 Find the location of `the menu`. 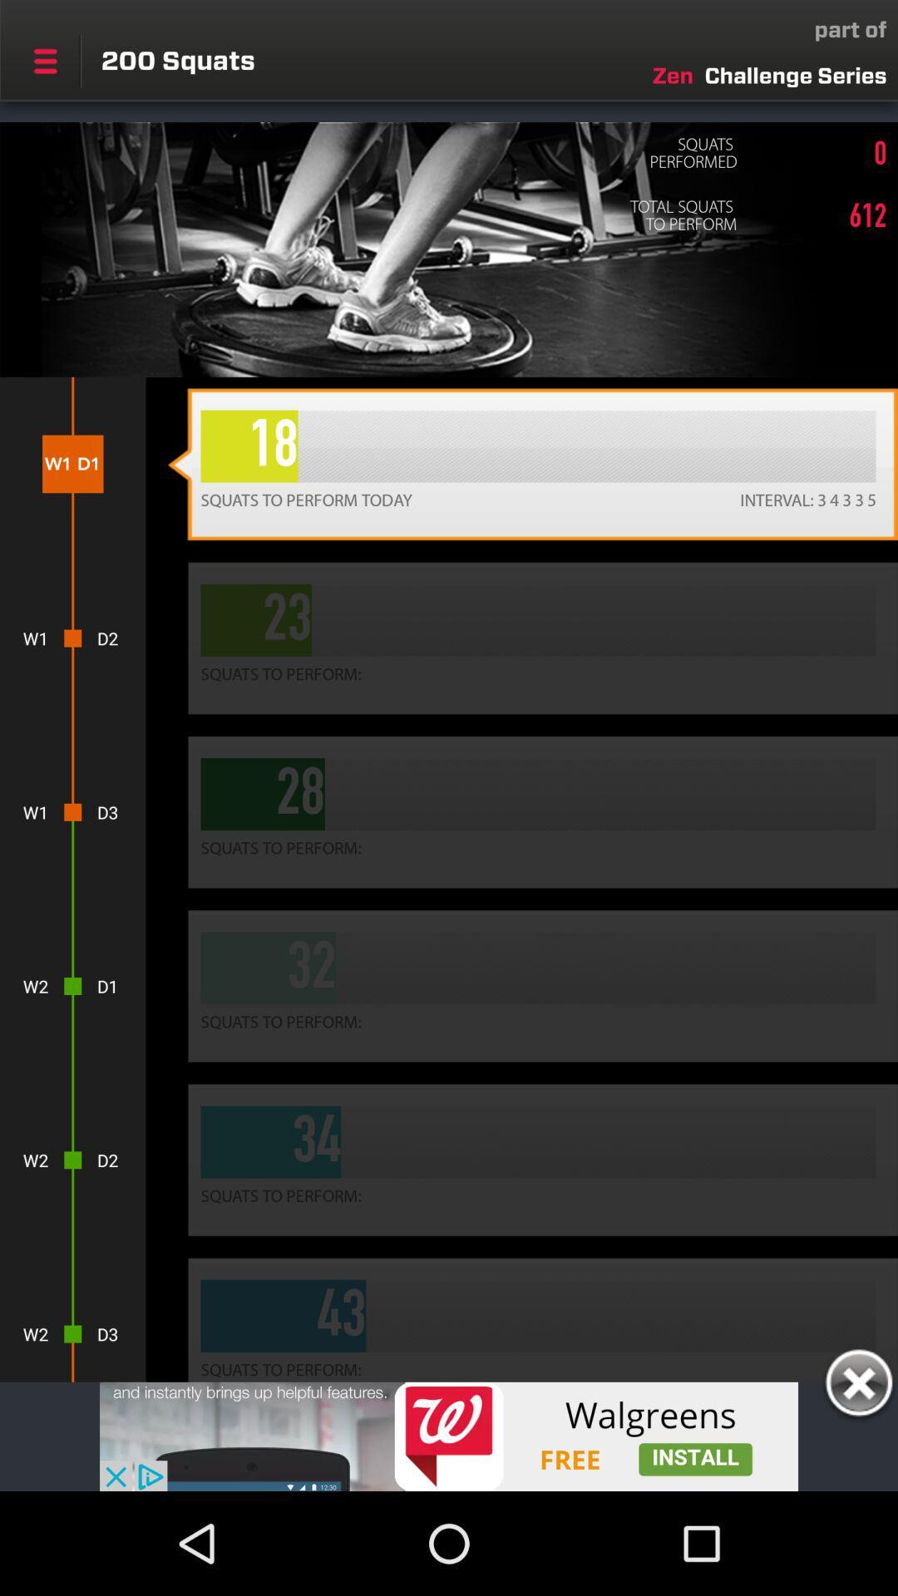

the menu is located at coordinates (44, 61).